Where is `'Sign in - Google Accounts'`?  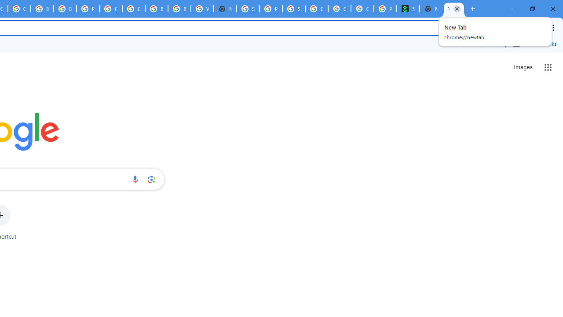
'Sign in - Google Accounts' is located at coordinates (247, 9).